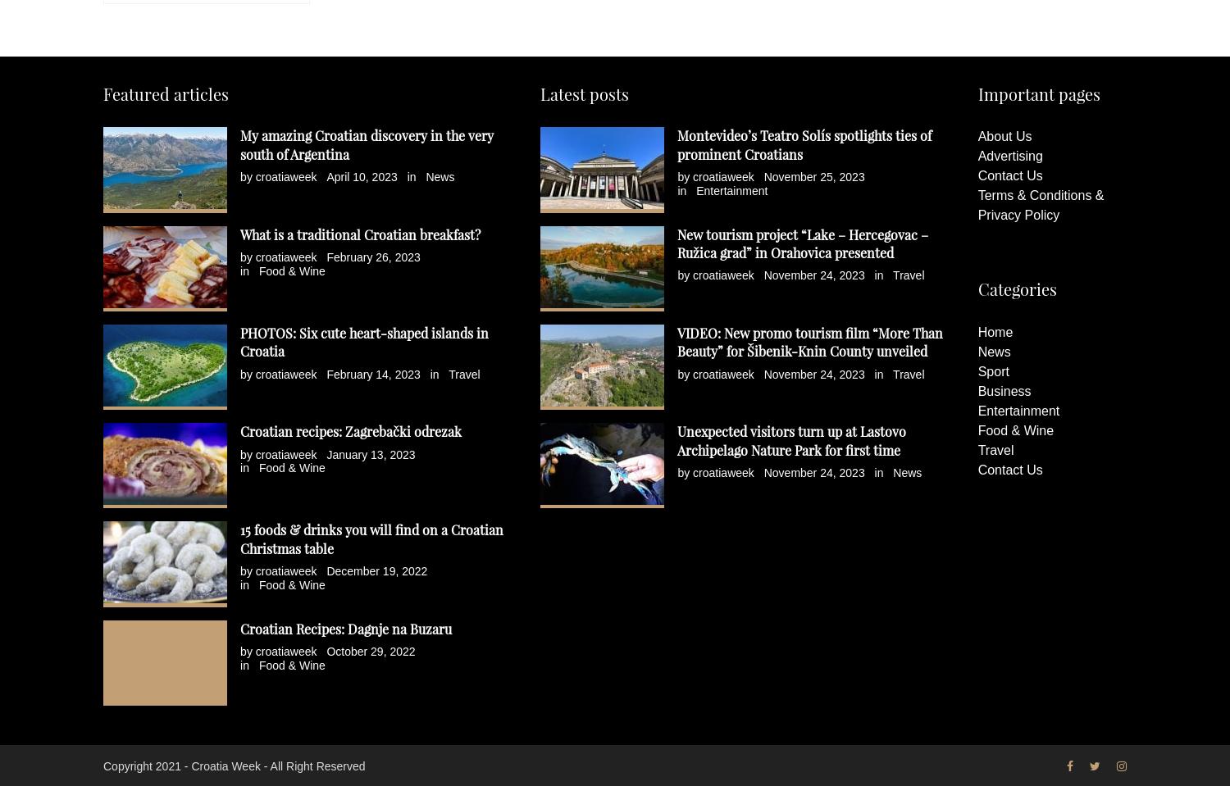 The height and width of the screenshot is (786, 1230). What do you see at coordinates (371, 538) in the screenshot?
I see `'15 foods & drinks you will find on a Croatian Christmas table'` at bounding box center [371, 538].